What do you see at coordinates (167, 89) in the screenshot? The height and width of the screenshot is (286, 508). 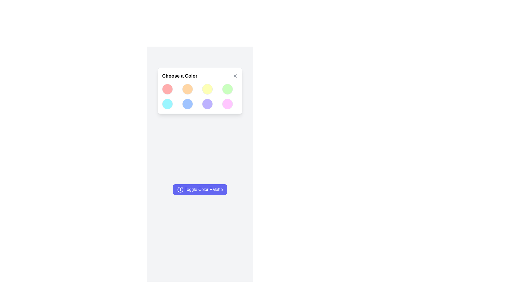 I see `the first color swatch button in the grid layout` at bounding box center [167, 89].